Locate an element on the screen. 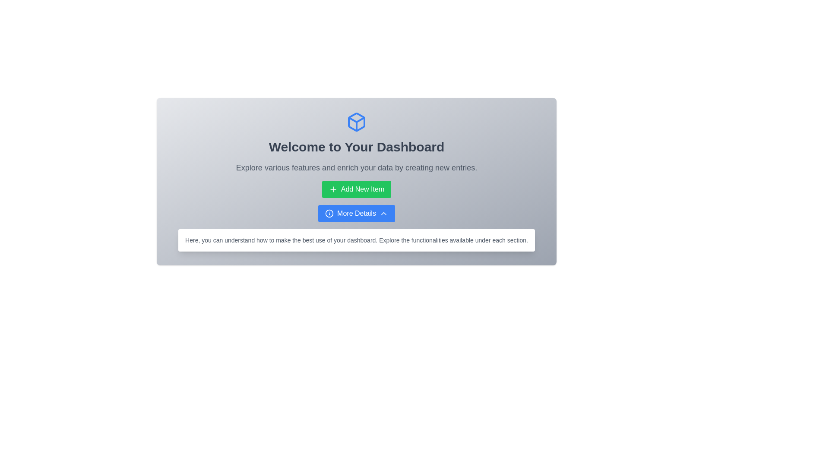 Image resolution: width=829 pixels, height=466 pixels. the green button labeled 'Add New Item' with a plus sign icon is located at coordinates (356, 189).